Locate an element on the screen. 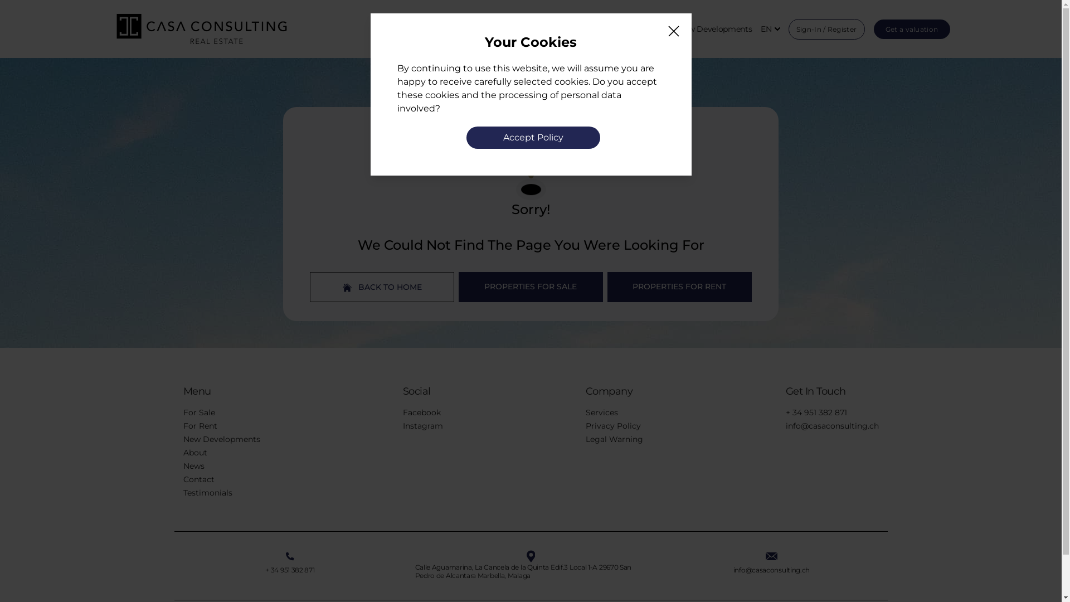 This screenshot has width=1070, height=602. 'PROPERTIES FOR SALE' is located at coordinates (530, 287).